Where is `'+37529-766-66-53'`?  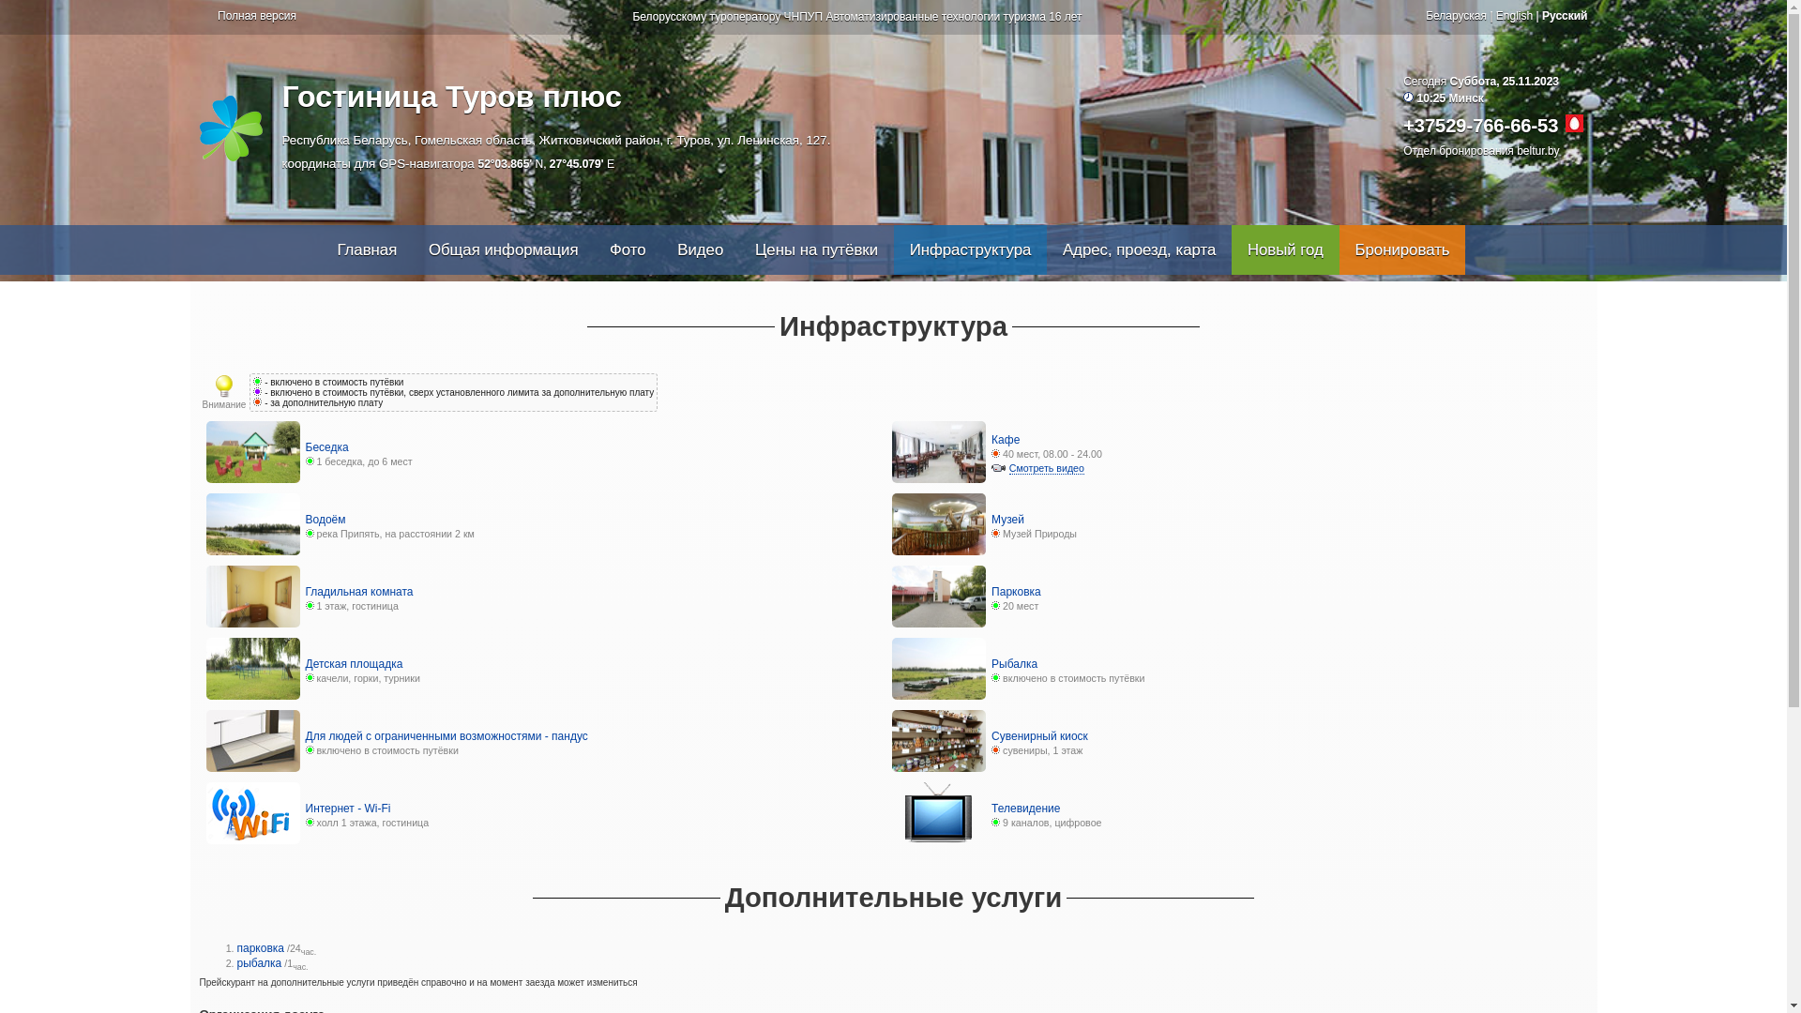
'+37529-766-66-53' is located at coordinates (1479, 126).